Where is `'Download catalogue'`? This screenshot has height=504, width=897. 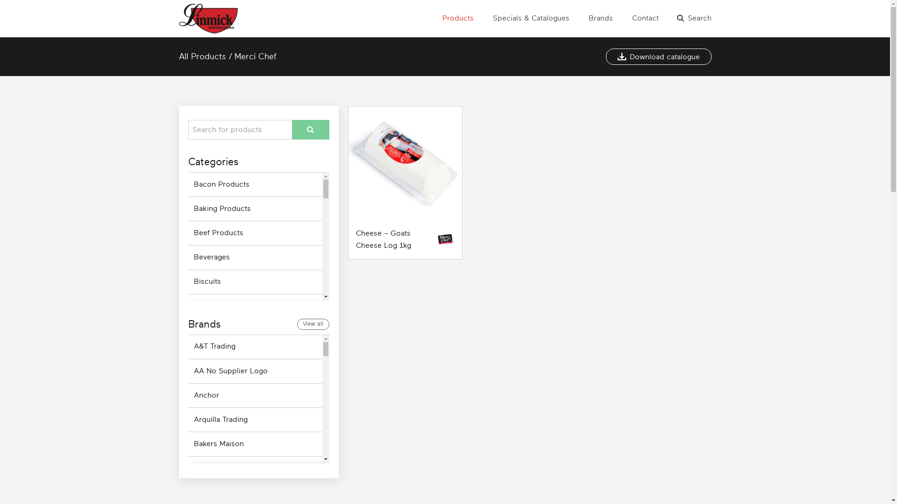
'Download catalogue' is located at coordinates (605, 56).